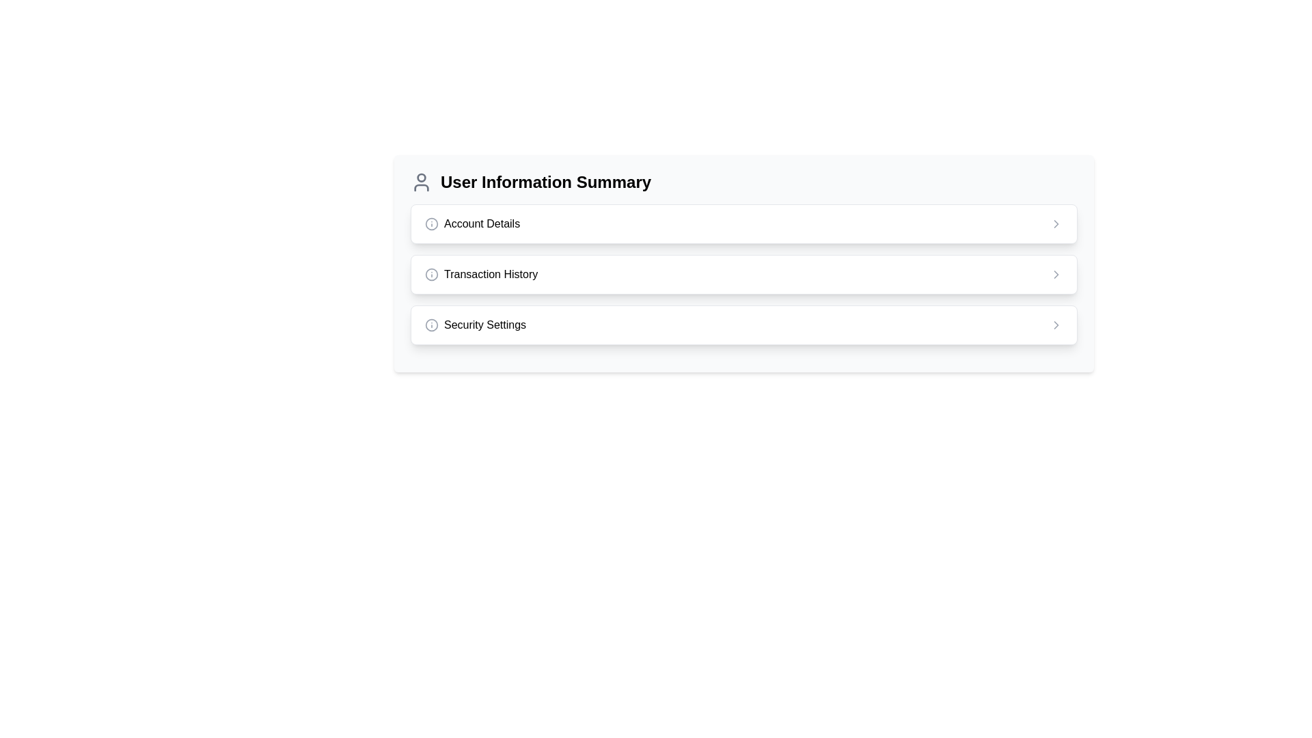 This screenshot has width=1312, height=738. What do you see at coordinates (485, 325) in the screenshot?
I see `the 'Security Settings' text label, which is the third item in the list under 'User Information Summary'` at bounding box center [485, 325].